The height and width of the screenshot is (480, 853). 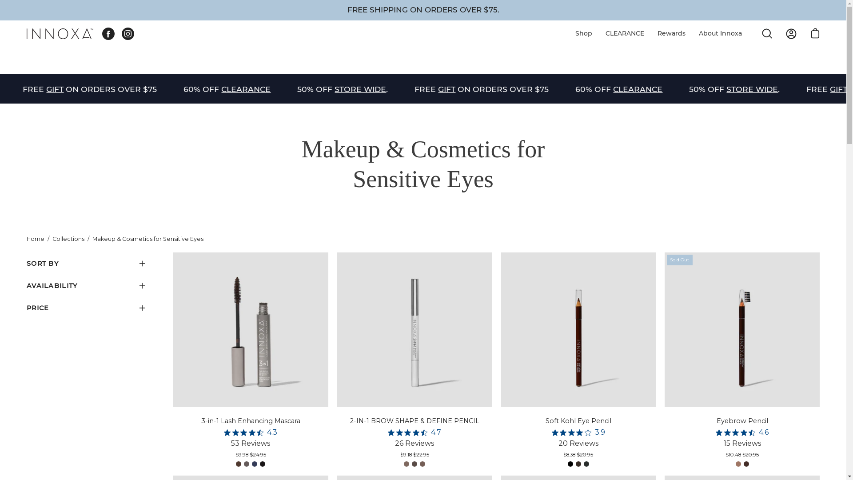 What do you see at coordinates (128, 33) in the screenshot?
I see `'View Innoxa on Instagram'` at bounding box center [128, 33].